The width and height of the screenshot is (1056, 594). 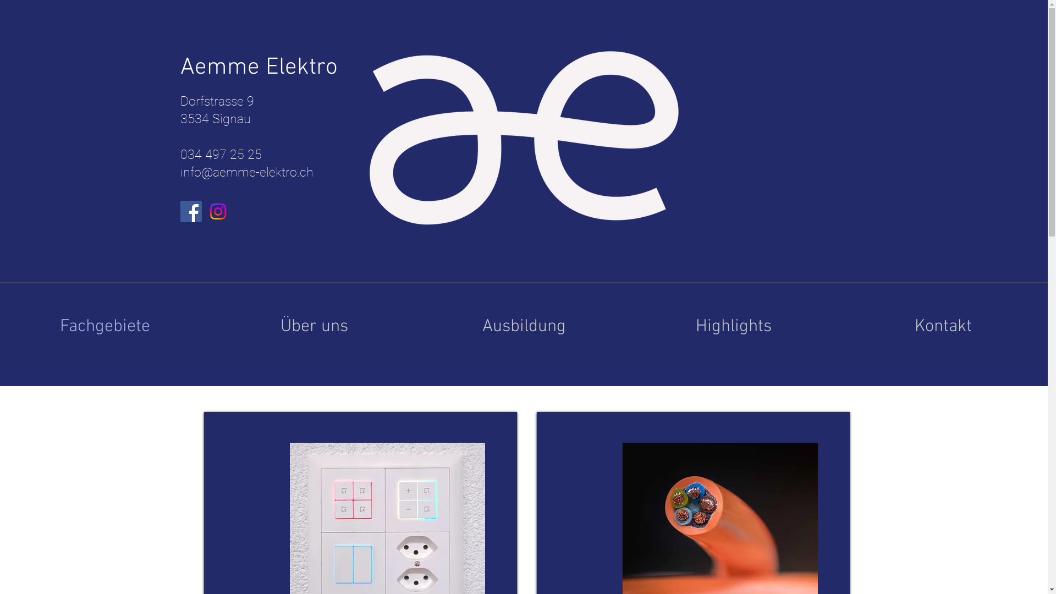 I want to click on 'Highlights', so click(x=733, y=326).